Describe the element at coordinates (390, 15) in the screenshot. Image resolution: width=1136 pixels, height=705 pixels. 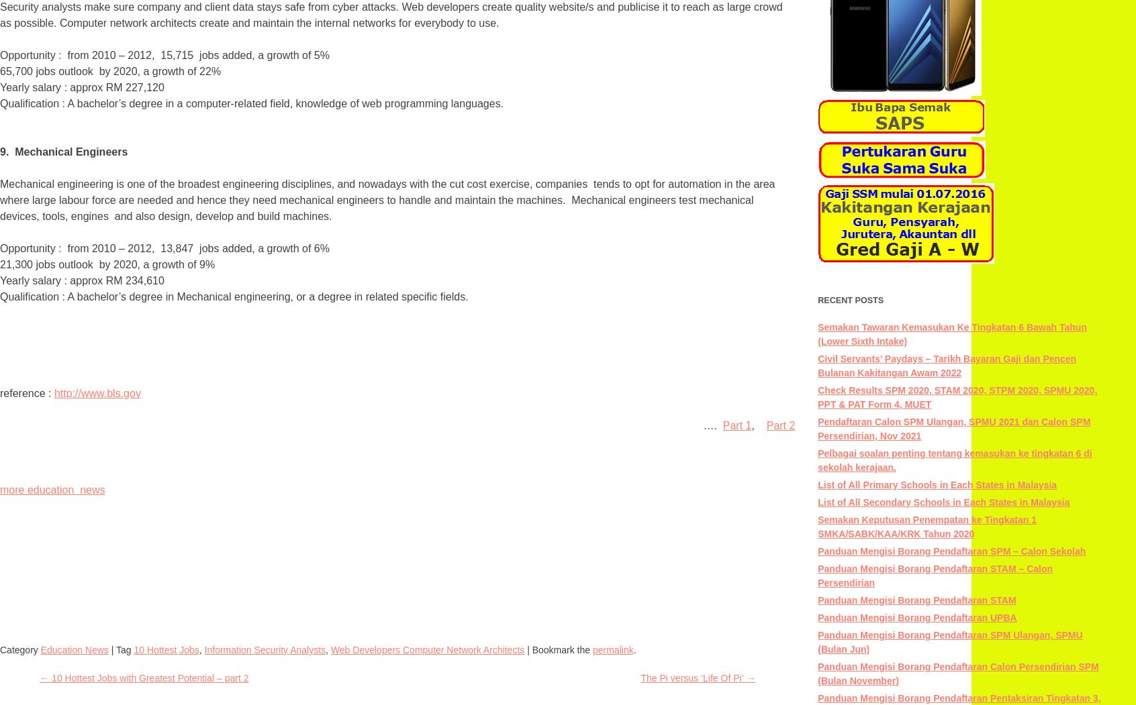
I see `'Security analysts make sure company and client data stays safe from cyber attacks. Web developers create quality website/s and publicise it to reach as large crowd as possible. Computer network architects create and maintain the internal networks for everybody to use.'` at that location.